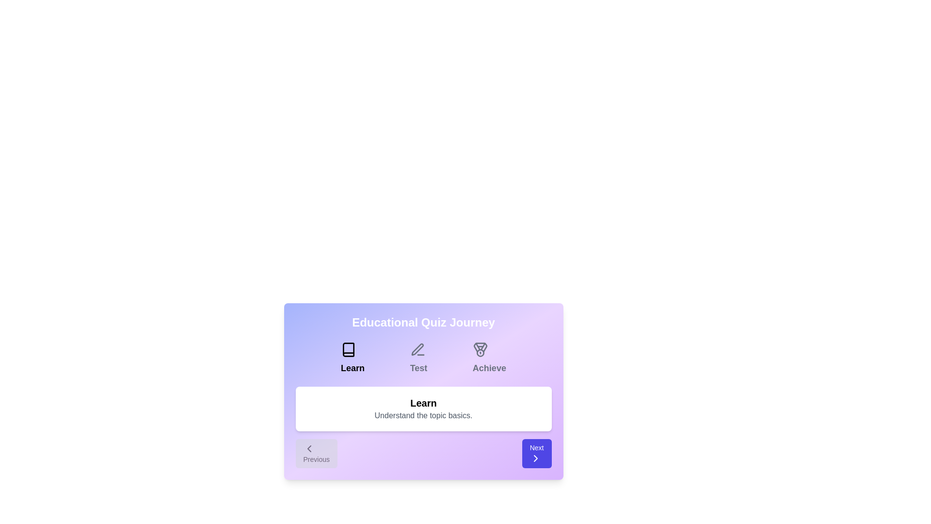 The width and height of the screenshot is (931, 524). What do you see at coordinates (417, 350) in the screenshot?
I see `the icon representing the stage Test to inspect its details` at bounding box center [417, 350].